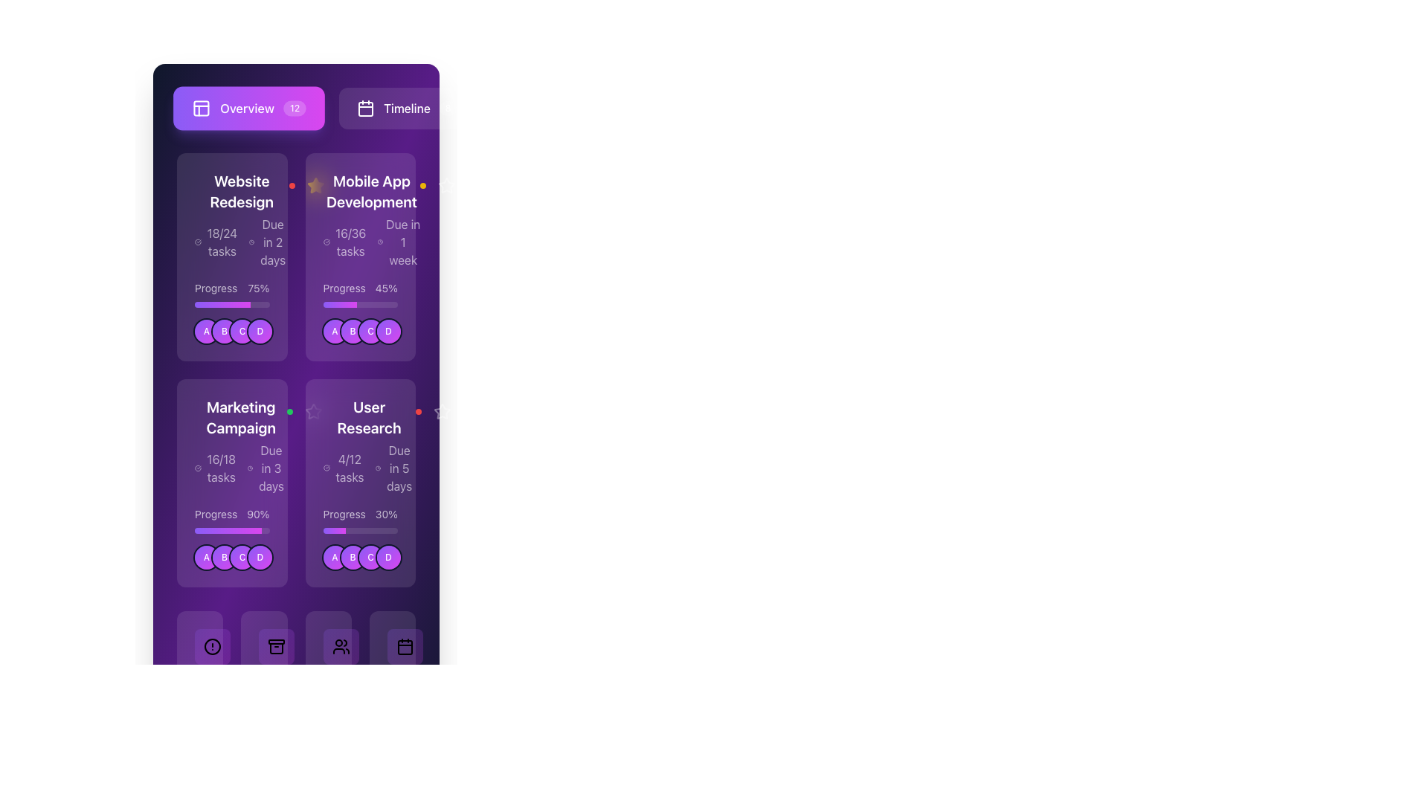  What do you see at coordinates (339, 303) in the screenshot?
I see `the Progress bar segment that visually represents 45% completion of the task within the 'Mobile App Development' card` at bounding box center [339, 303].